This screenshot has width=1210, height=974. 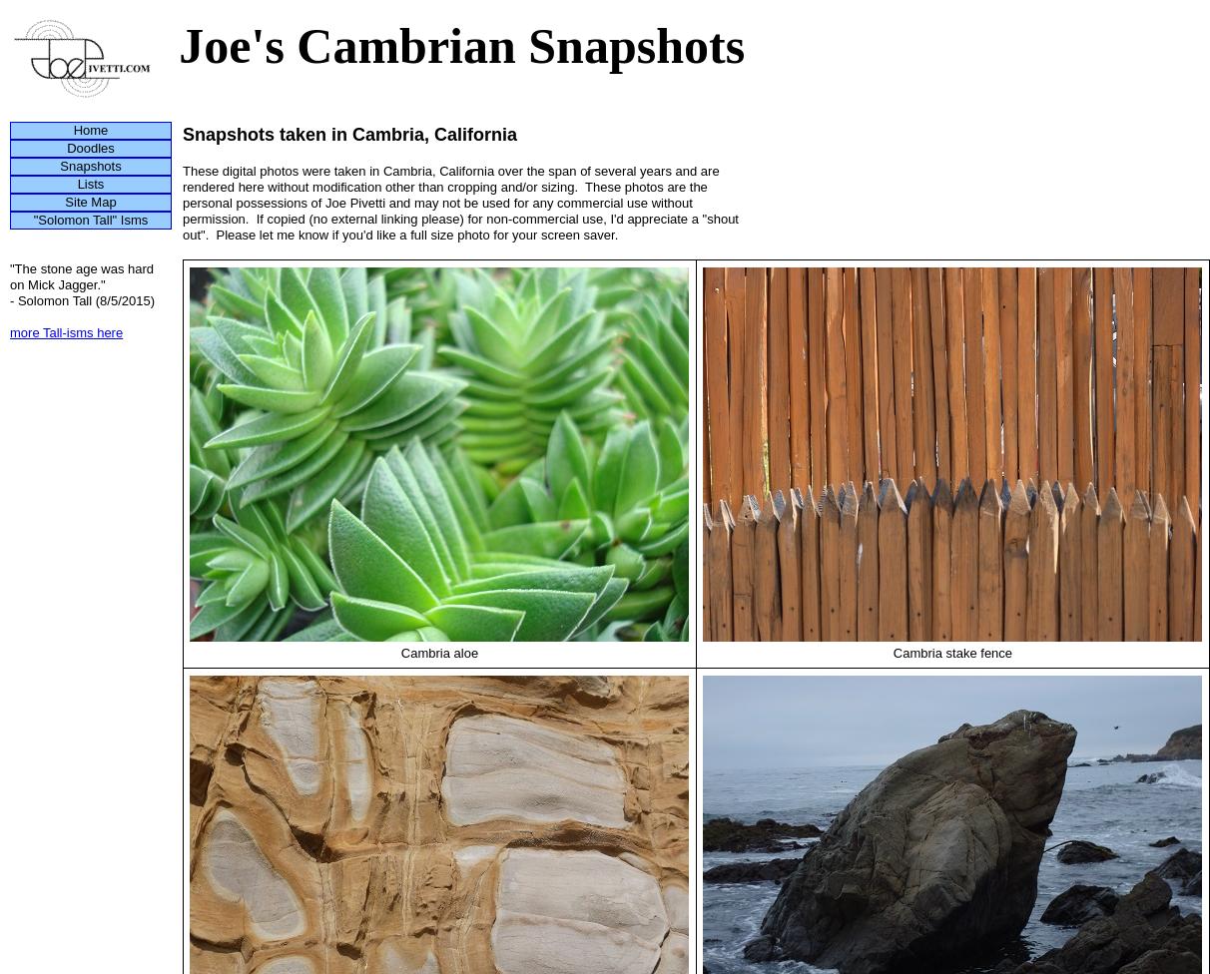 What do you see at coordinates (82, 276) in the screenshot?
I see `'"The stone age was hard on Mick Jagger."'` at bounding box center [82, 276].